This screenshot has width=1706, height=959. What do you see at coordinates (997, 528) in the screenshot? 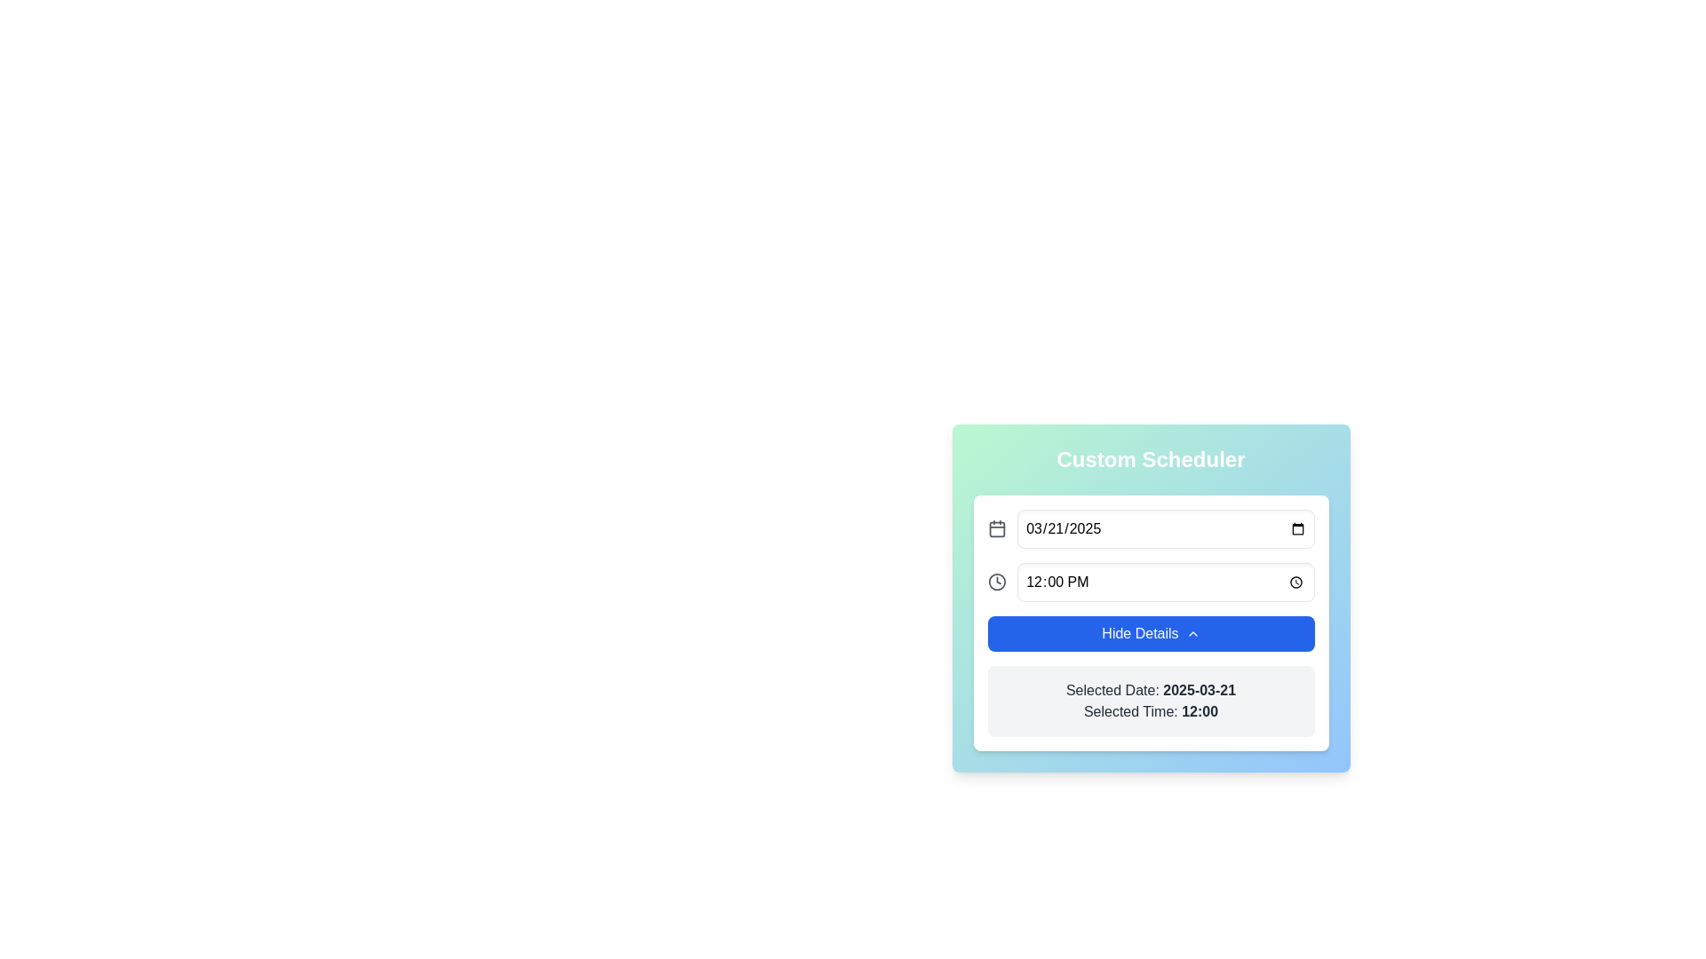
I see `the date picker icon located on the leftmost side of the group before the date input field labeled '2025-03-21' in the 'Custom Scheduler' card` at bounding box center [997, 528].